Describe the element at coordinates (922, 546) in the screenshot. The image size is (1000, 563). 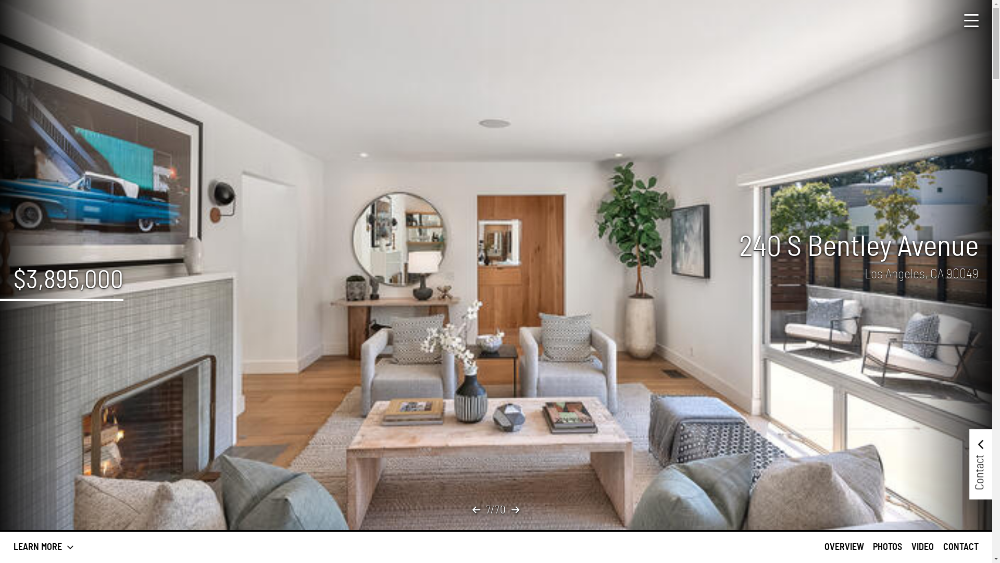
I see `'VIDEO'` at that location.